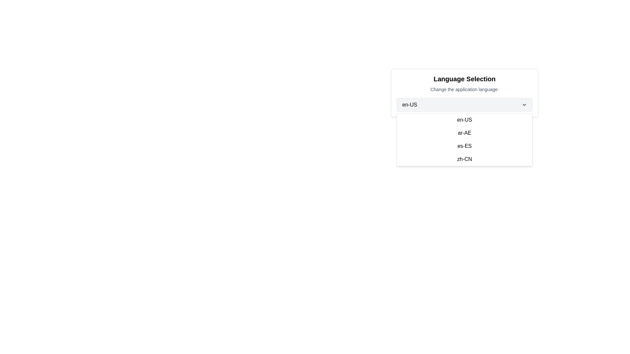  What do you see at coordinates (464, 89) in the screenshot?
I see `the Text Label that provides information about the dropdown menu for selecting the application language, located beneath the heading 'Language Selection'` at bounding box center [464, 89].